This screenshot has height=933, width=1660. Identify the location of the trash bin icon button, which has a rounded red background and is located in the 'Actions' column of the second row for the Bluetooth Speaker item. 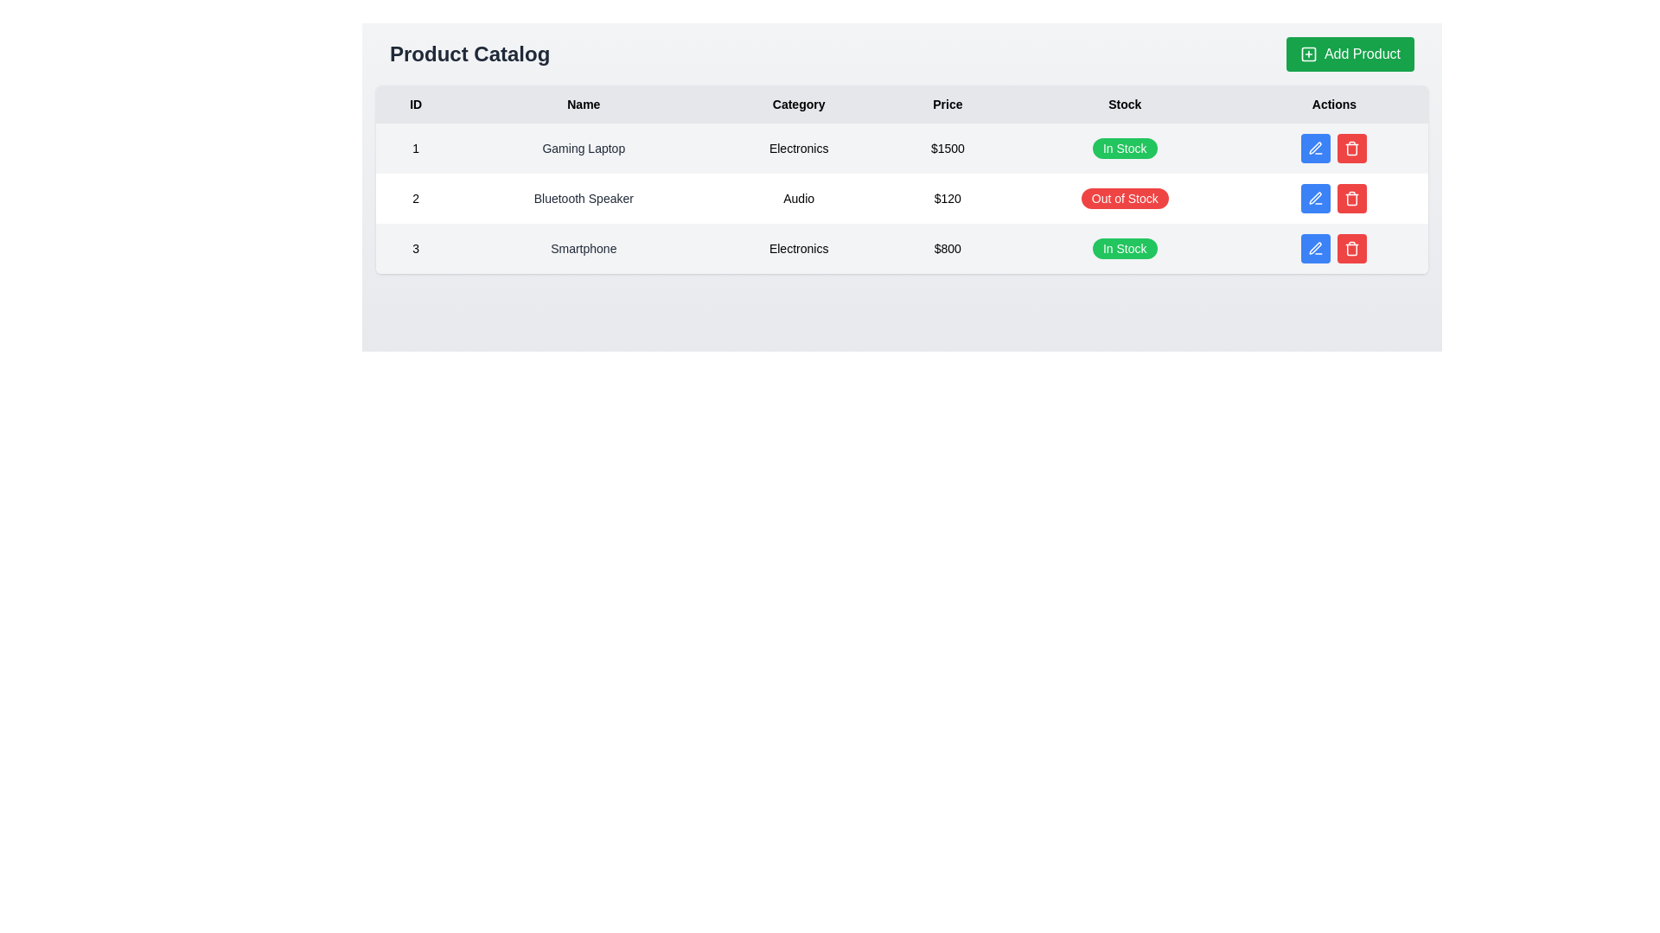
(1351, 249).